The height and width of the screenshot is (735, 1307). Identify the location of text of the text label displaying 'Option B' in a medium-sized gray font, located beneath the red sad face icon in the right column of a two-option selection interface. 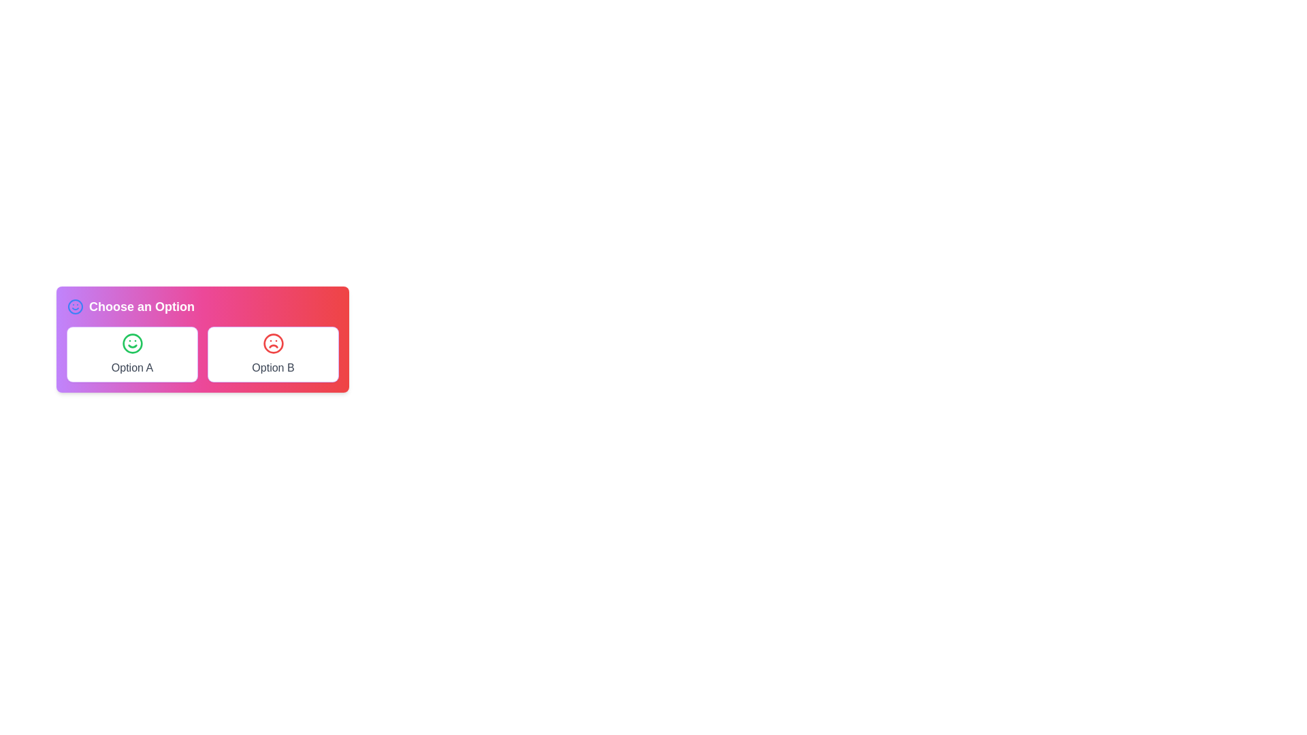
(272, 367).